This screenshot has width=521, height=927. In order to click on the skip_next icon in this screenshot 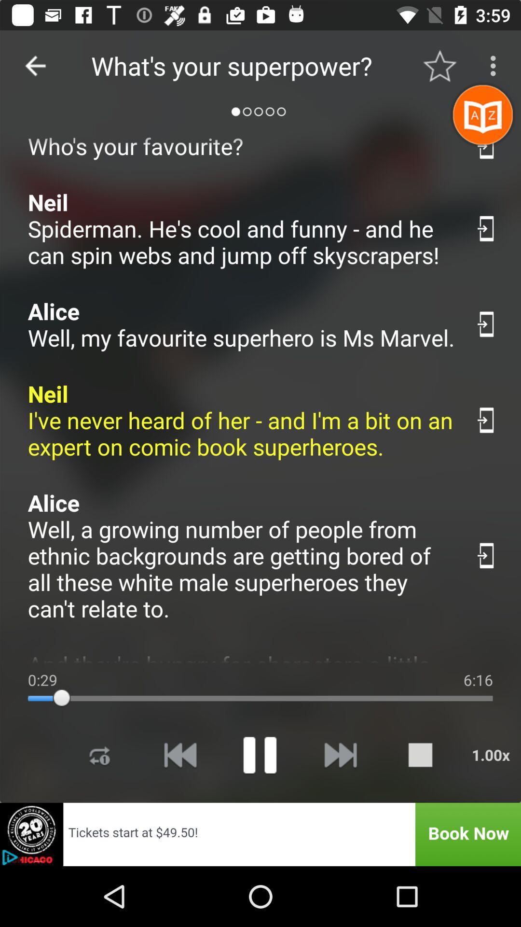, I will do `click(340, 754)`.